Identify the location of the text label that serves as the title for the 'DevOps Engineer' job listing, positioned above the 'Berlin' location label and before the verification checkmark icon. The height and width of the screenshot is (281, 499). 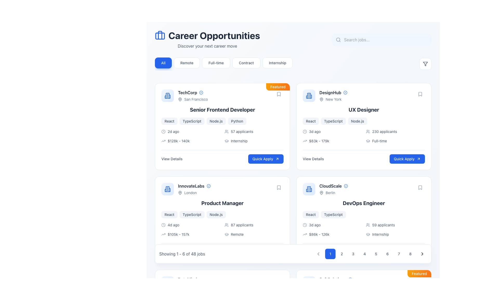
(330, 186).